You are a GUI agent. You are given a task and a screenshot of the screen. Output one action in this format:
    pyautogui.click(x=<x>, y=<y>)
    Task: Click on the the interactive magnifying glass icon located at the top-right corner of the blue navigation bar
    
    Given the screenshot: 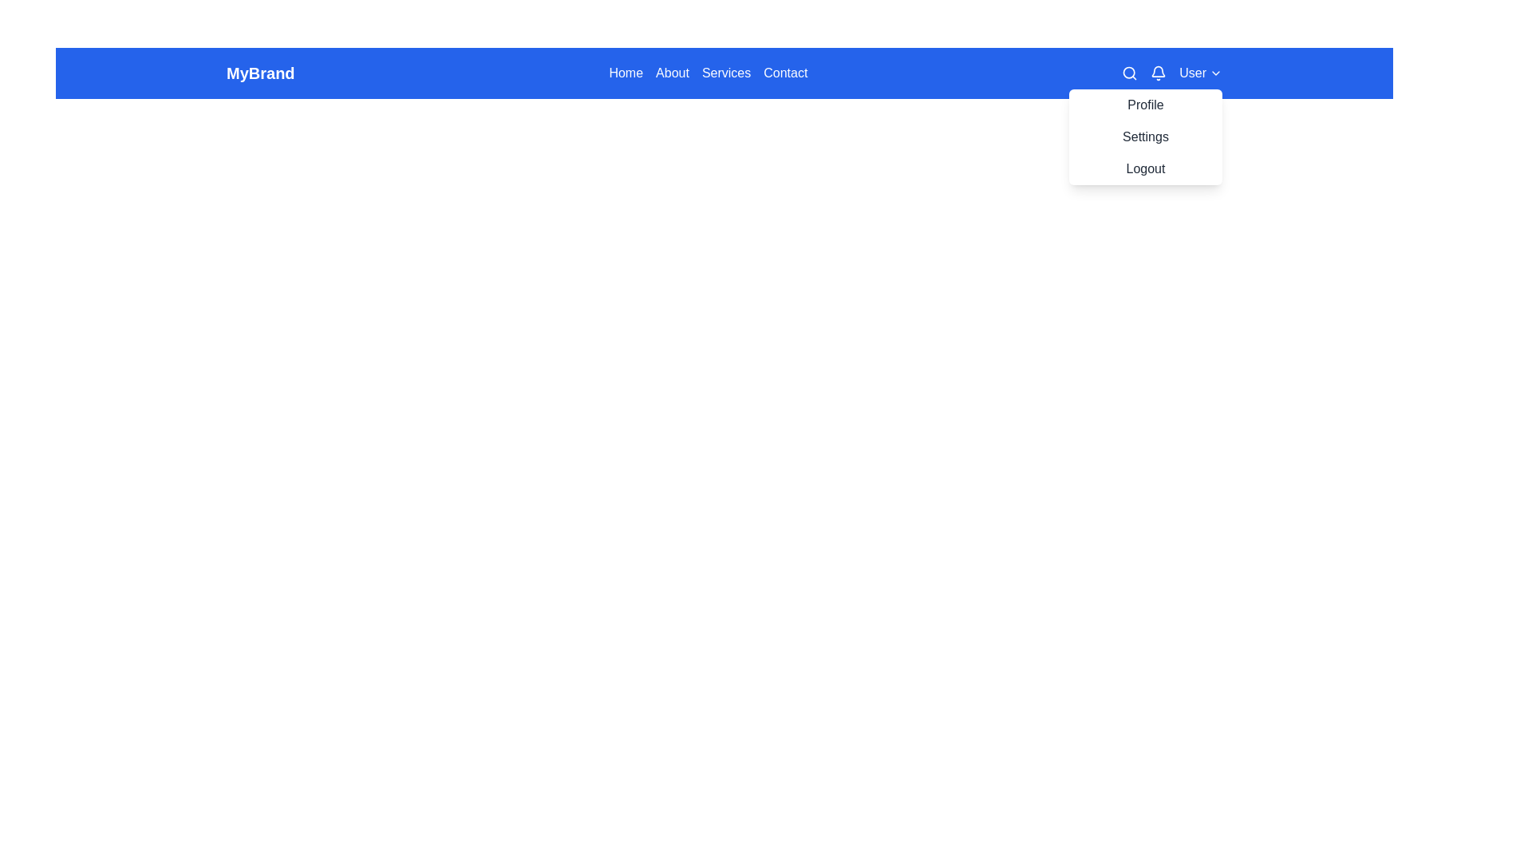 What is the action you would take?
    pyautogui.click(x=1129, y=73)
    